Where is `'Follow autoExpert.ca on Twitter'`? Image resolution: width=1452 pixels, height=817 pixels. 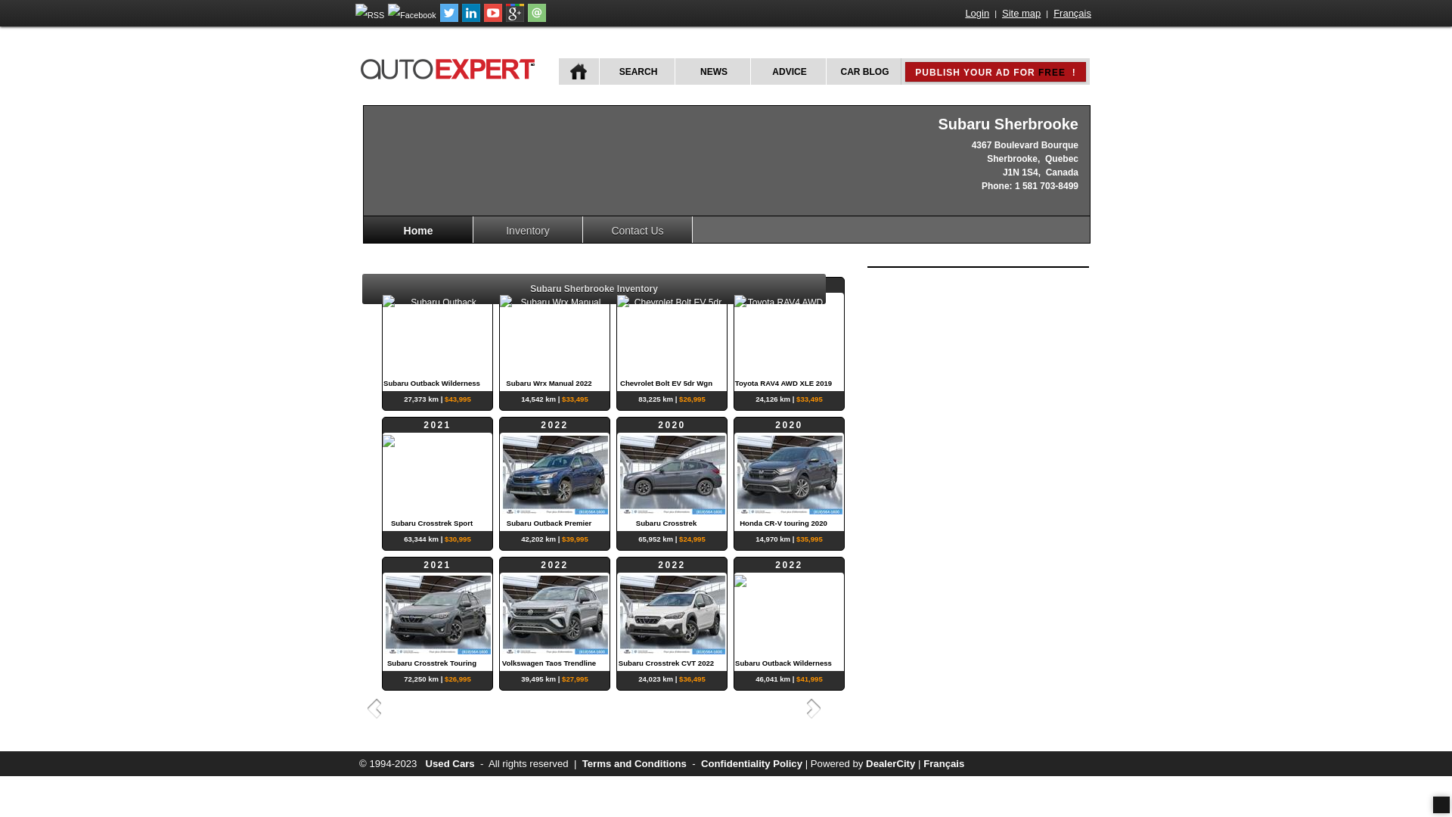 'Follow autoExpert.ca on Twitter' is located at coordinates (448, 18).